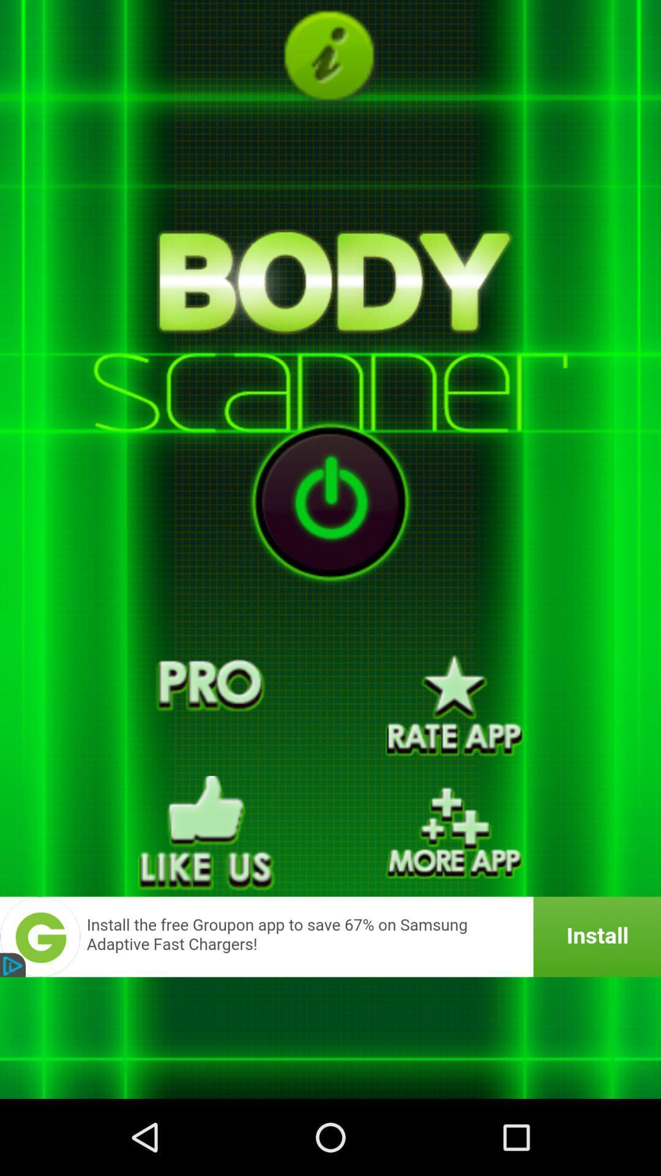 Image resolution: width=661 pixels, height=1176 pixels. I want to click on like us, so click(206, 833).